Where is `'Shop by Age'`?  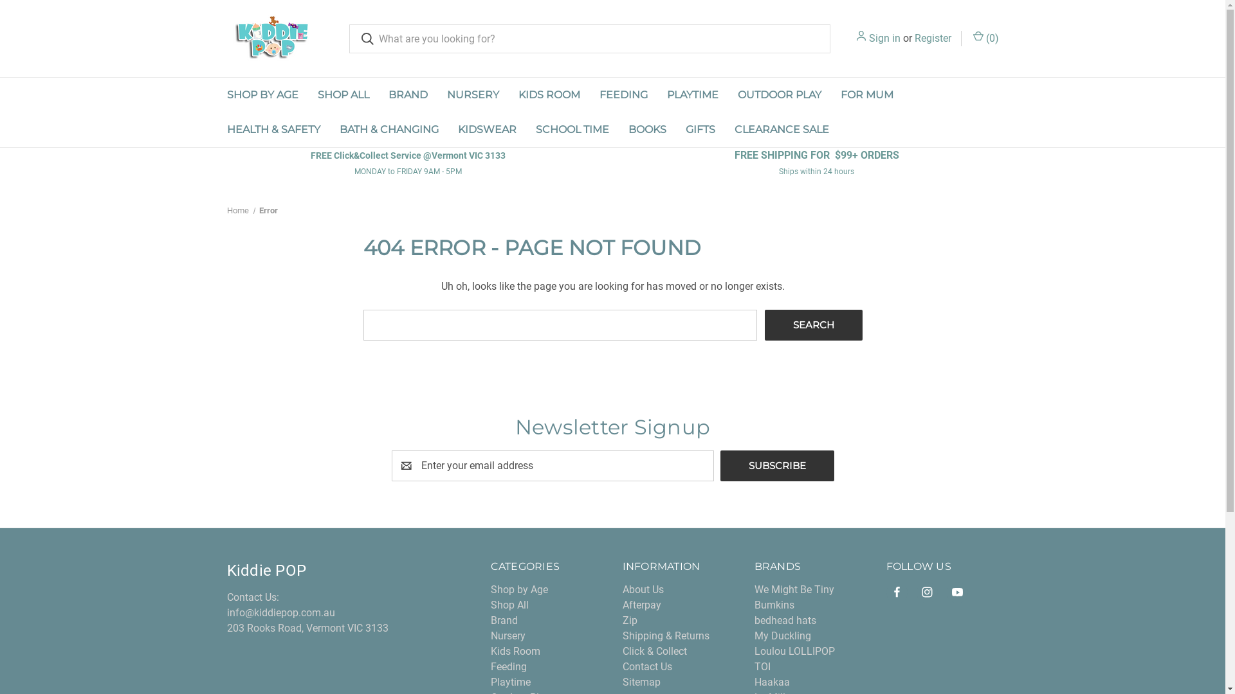
'Shop by Age' is located at coordinates (519, 589).